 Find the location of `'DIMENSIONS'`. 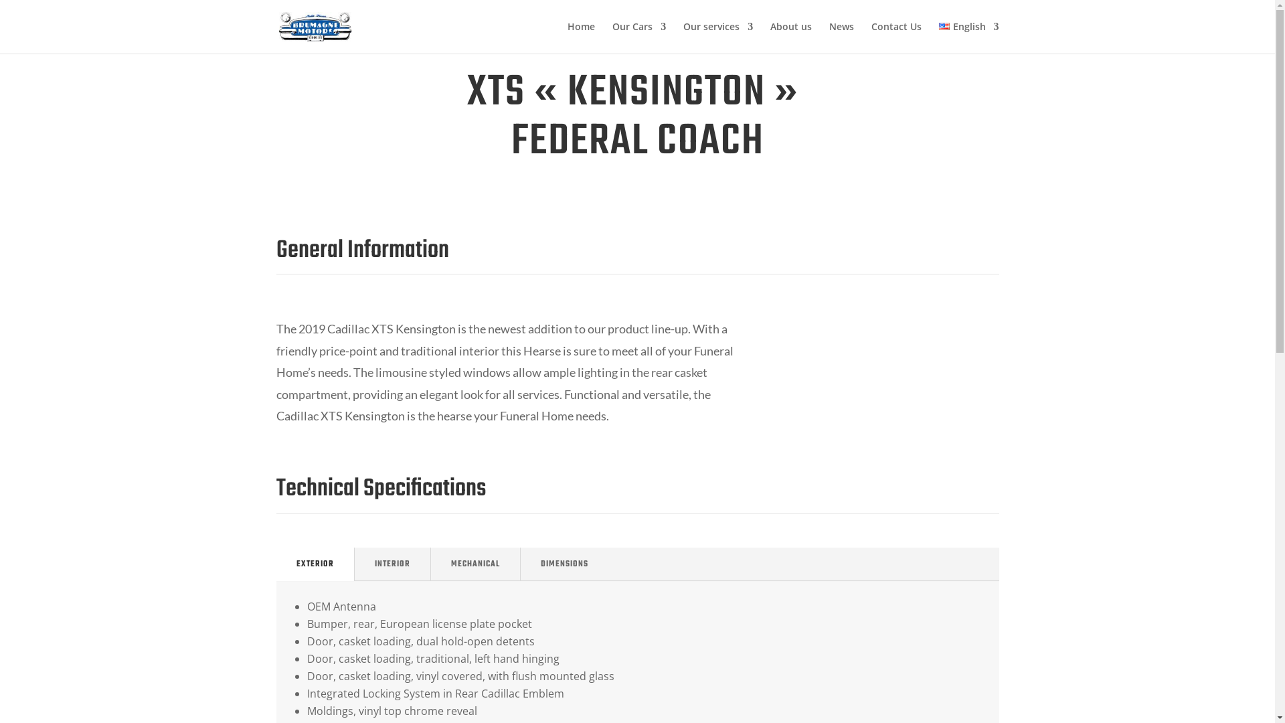

'DIMENSIONS' is located at coordinates (564, 564).